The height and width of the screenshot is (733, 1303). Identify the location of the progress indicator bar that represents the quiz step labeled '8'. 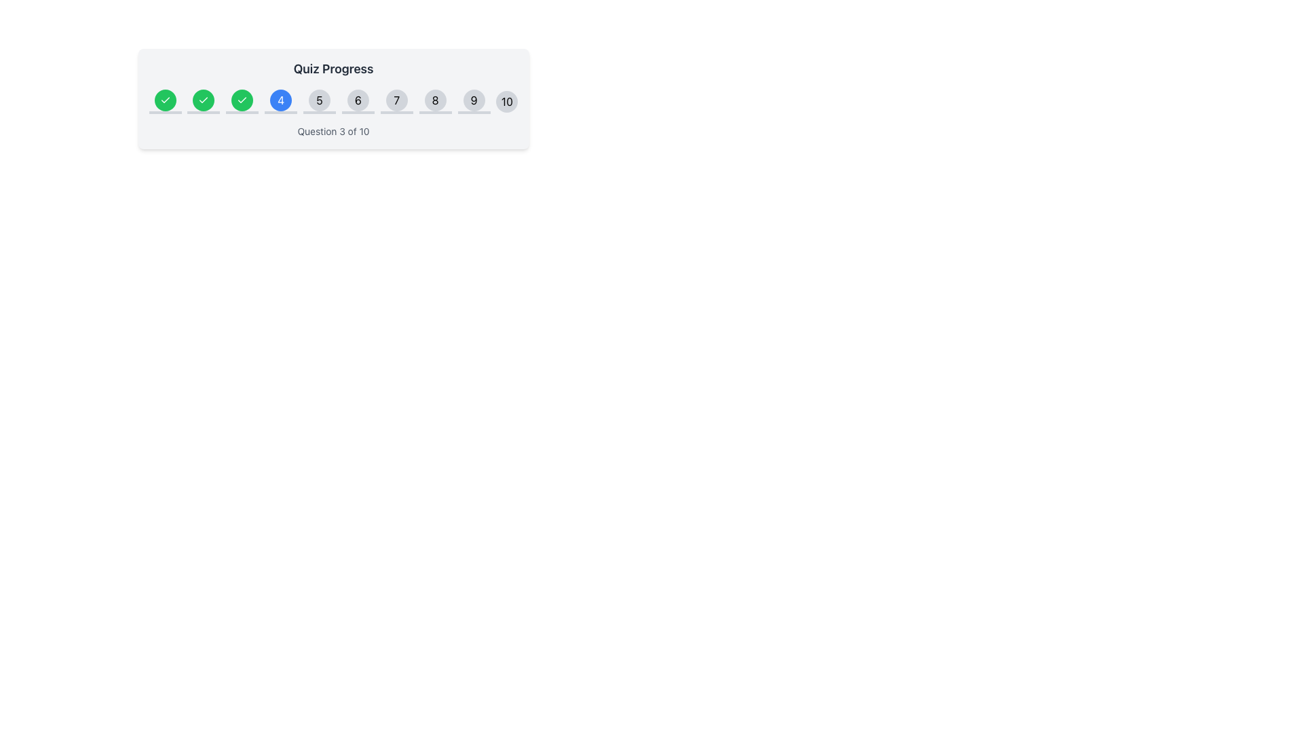
(435, 111).